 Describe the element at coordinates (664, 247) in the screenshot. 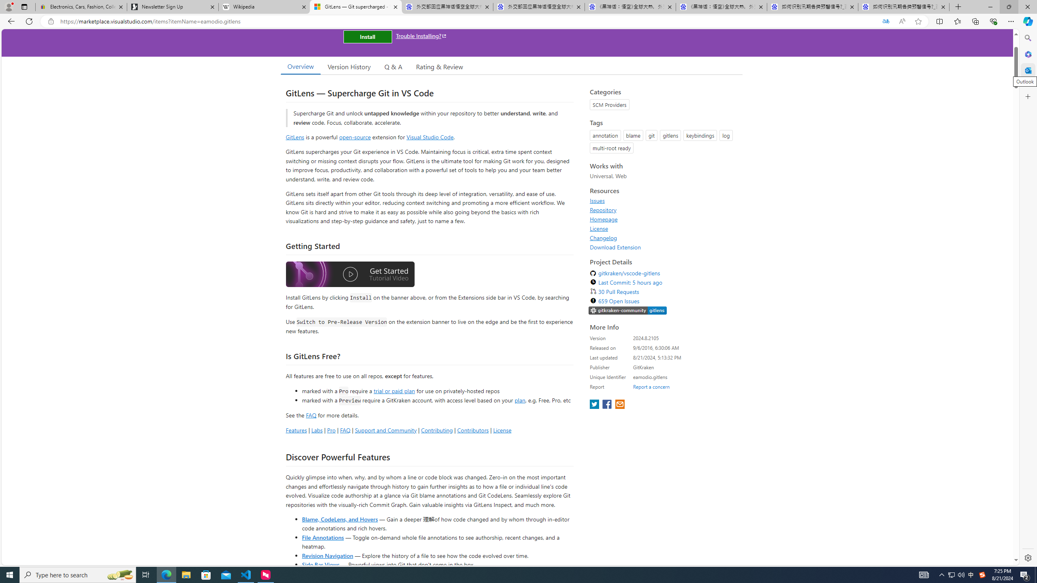

I see `'Download Extension'` at that location.